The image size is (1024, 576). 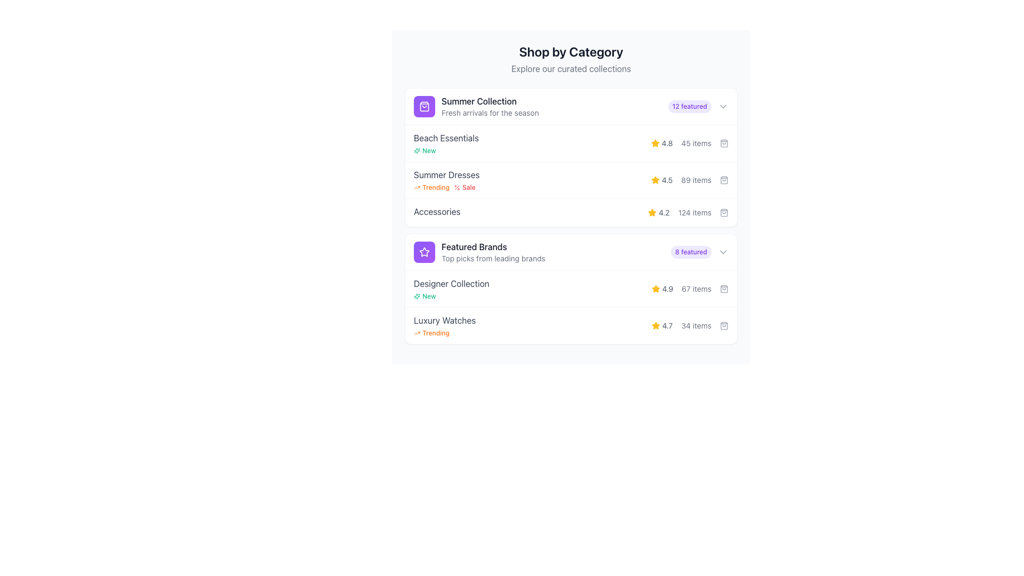 What do you see at coordinates (696, 143) in the screenshot?
I see `and acknowledge the text content of the Text Label indicating the quantity of items available for 'Beach Essentials', located to the right of the star icon and the numerical rating (4.8) in the 'Summer Collection' section` at bounding box center [696, 143].